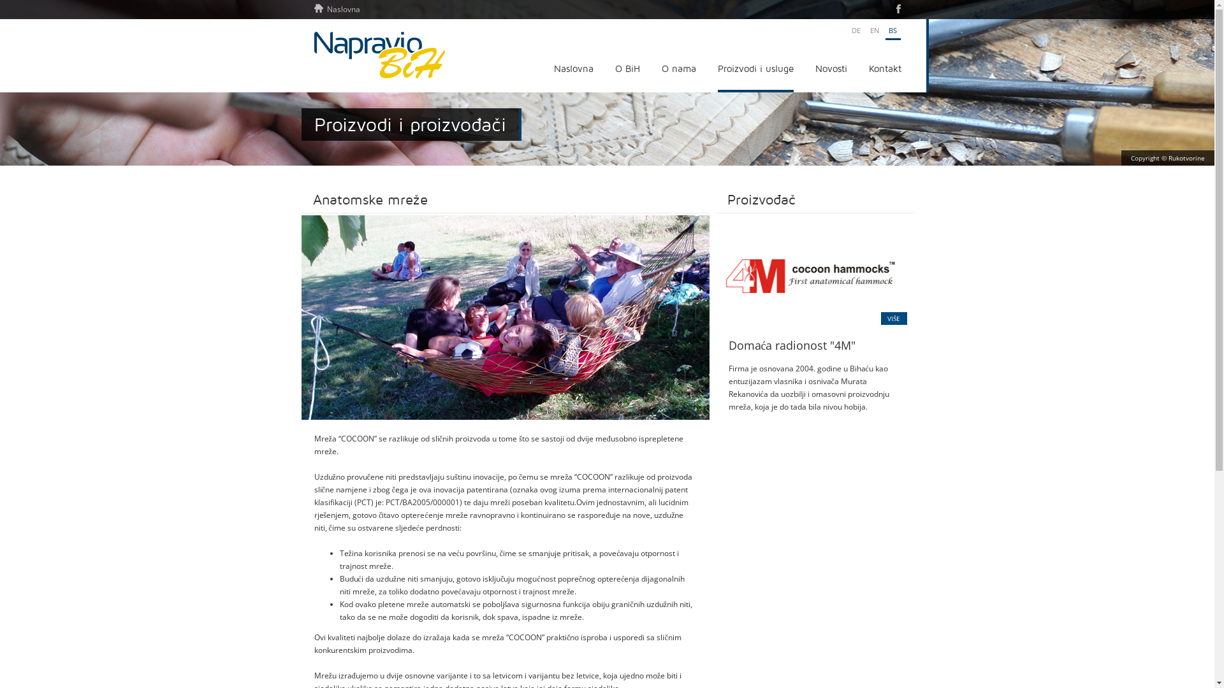  Describe the element at coordinates (830, 71) in the screenshot. I see `'Novosti'` at that location.